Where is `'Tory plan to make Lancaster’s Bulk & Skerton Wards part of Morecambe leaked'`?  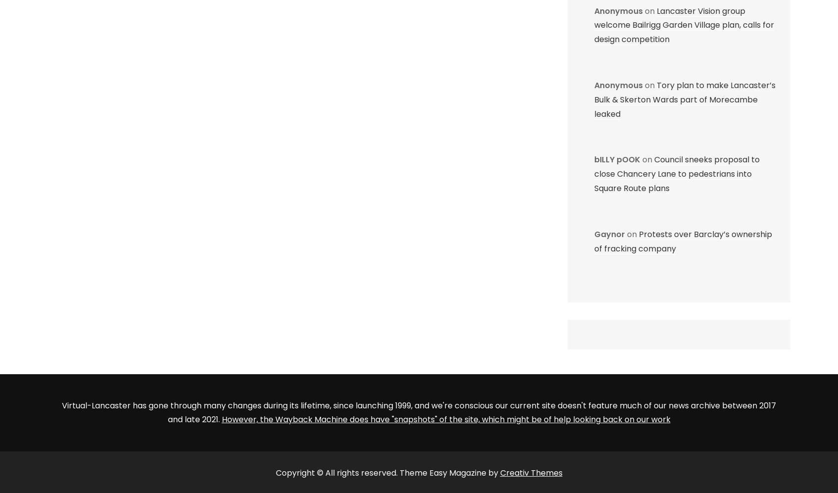
'Tory plan to make Lancaster’s Bulk & Skerton Wards part of Morecambe leaked' is located at coordinates (685, 99).